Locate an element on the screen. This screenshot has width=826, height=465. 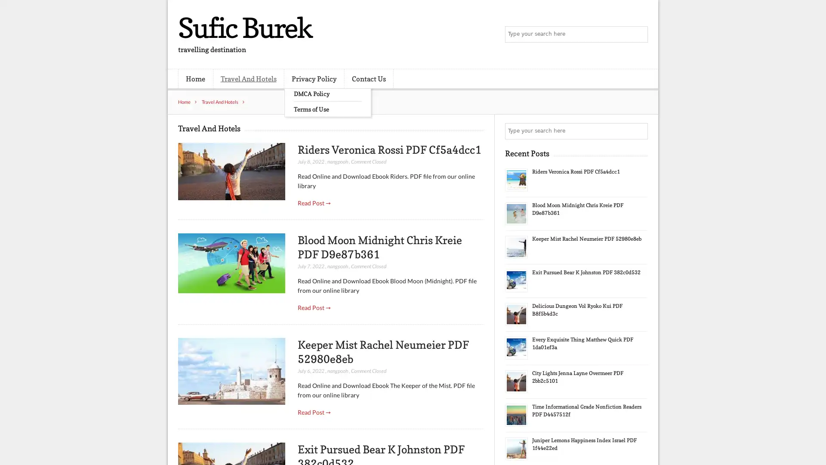
Search is located at coordinates (639, 131).